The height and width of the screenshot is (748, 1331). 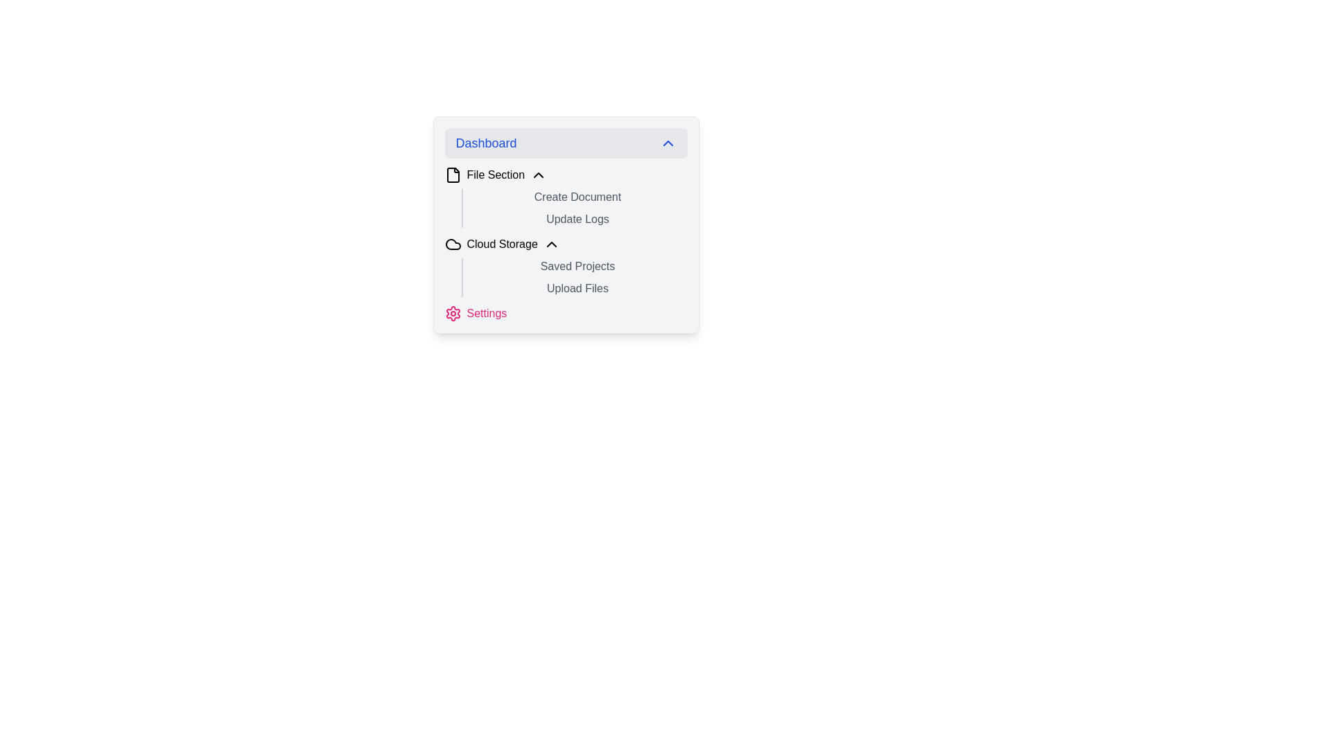 What do you see at coordinates (538, 175) in the screenshot?
I see `the downward-pointing chevron icon representing the dropdown toggle located near the 'File Section' text` at bounding box center [538, 175].